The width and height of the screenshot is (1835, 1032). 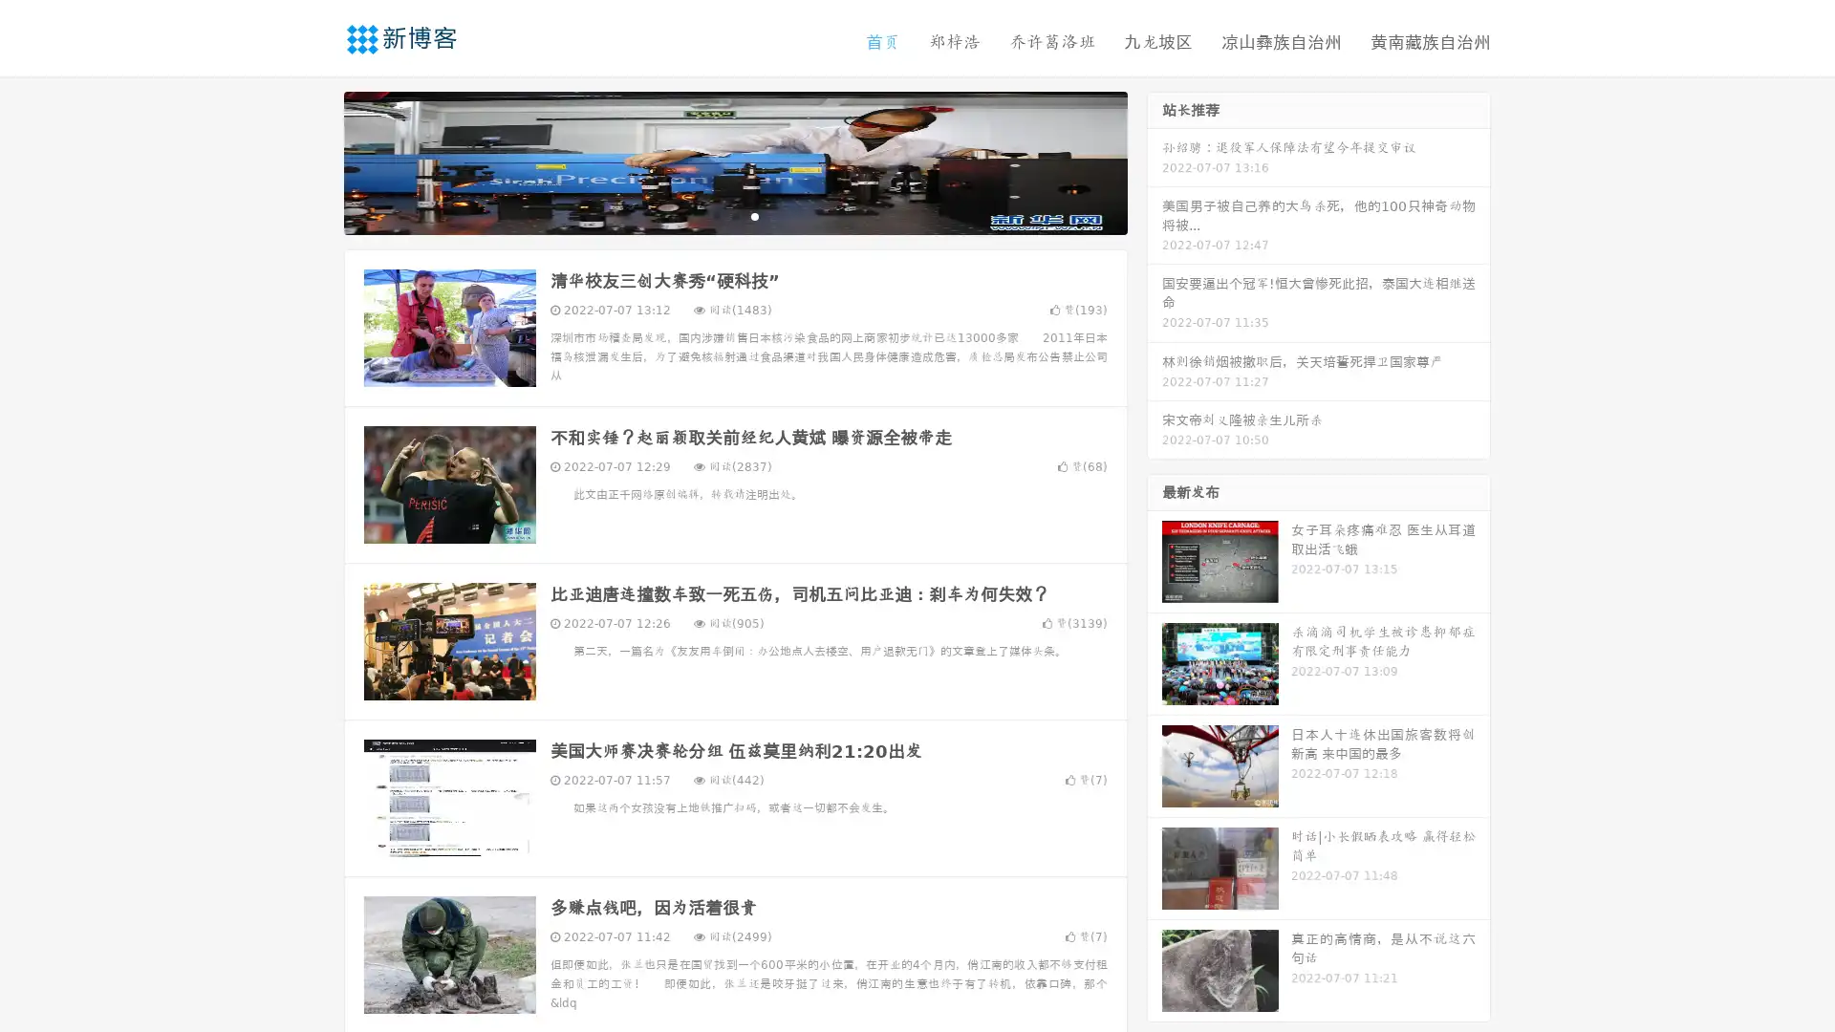 I want to click on Go to slide 3, so click(x=754, y=215).